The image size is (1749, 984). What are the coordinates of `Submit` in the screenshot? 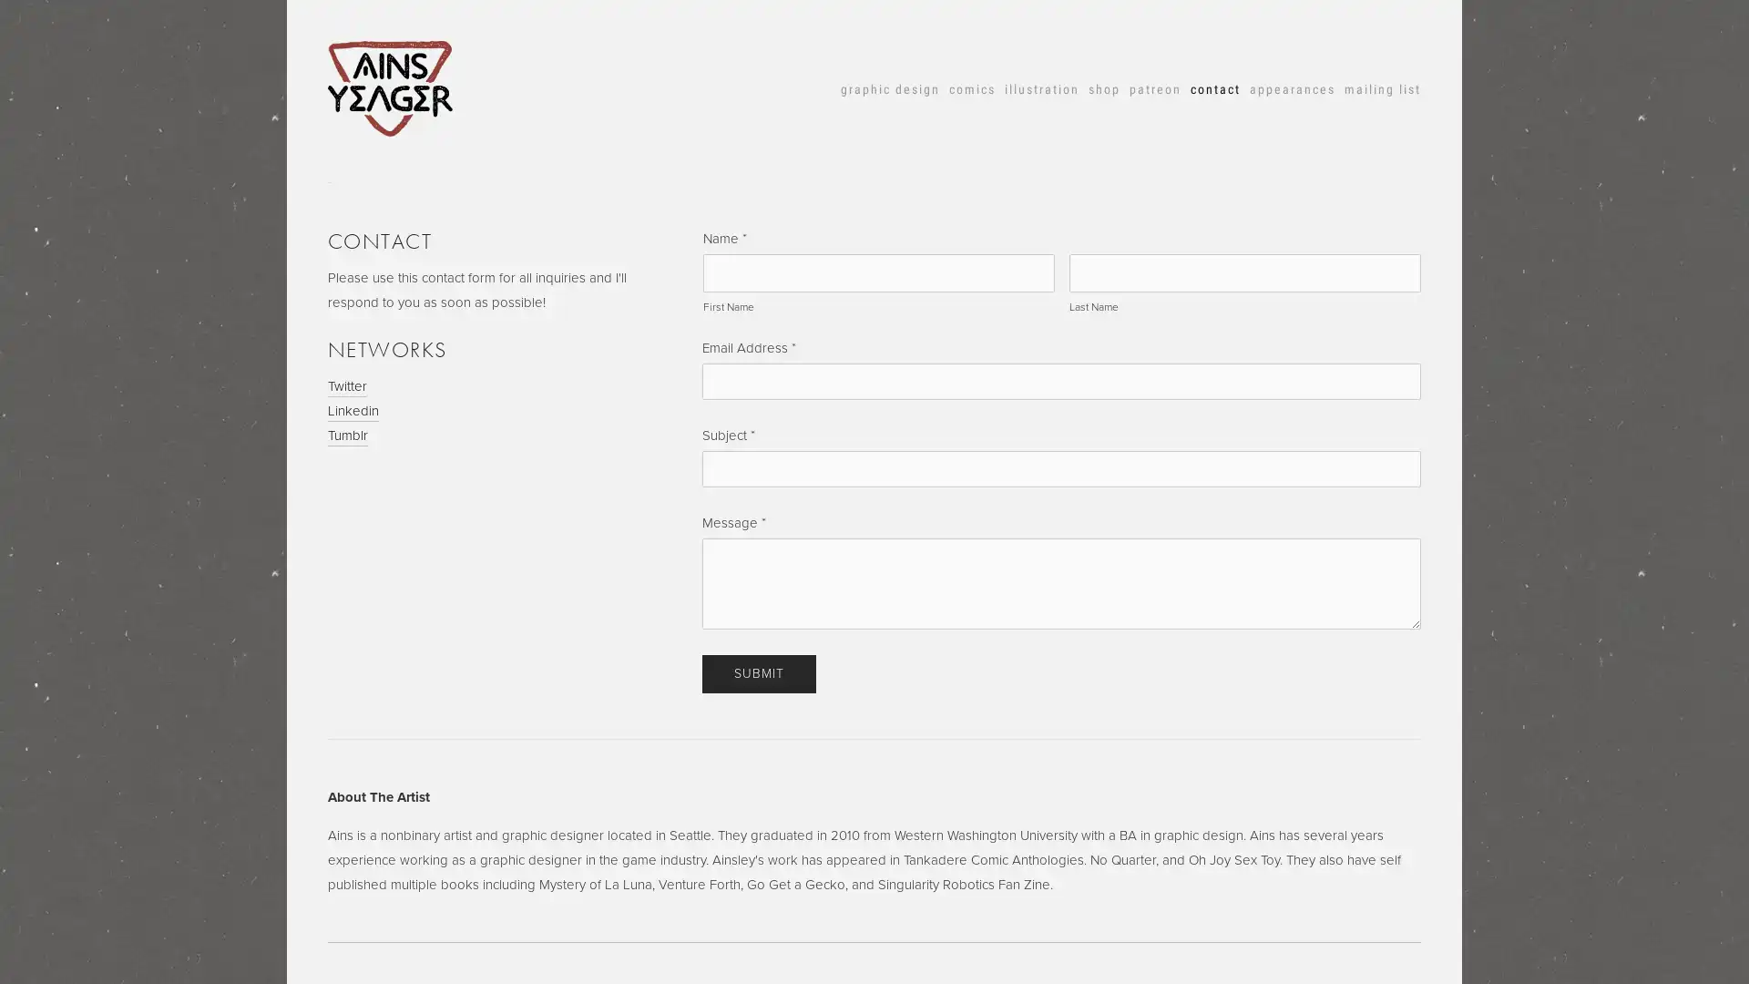 It's located at (759, 674).